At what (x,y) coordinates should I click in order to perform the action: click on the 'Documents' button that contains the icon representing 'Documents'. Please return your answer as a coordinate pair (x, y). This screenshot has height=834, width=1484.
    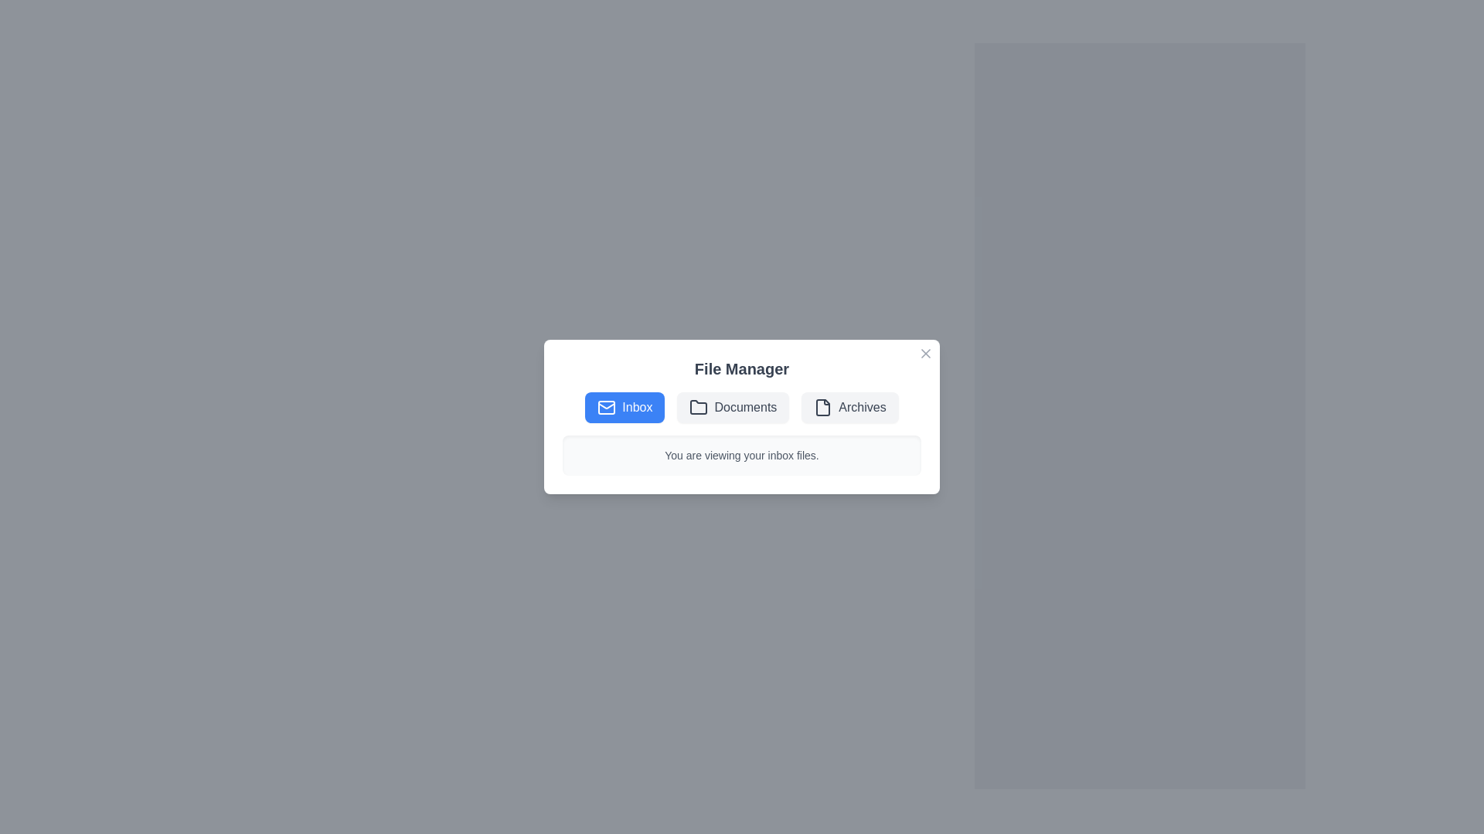
    Looking at the image, I should click on (698, 406).